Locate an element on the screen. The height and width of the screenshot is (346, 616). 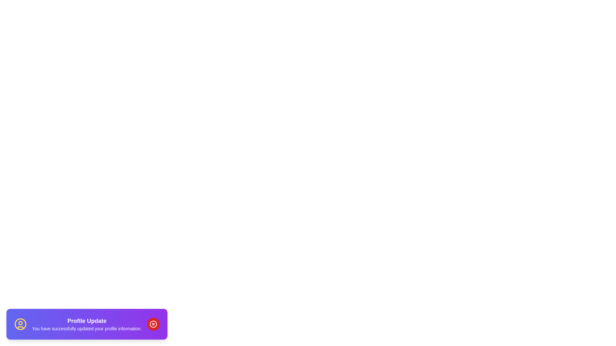
the user icon to explore potential actions is located at coordinates (20, 324).